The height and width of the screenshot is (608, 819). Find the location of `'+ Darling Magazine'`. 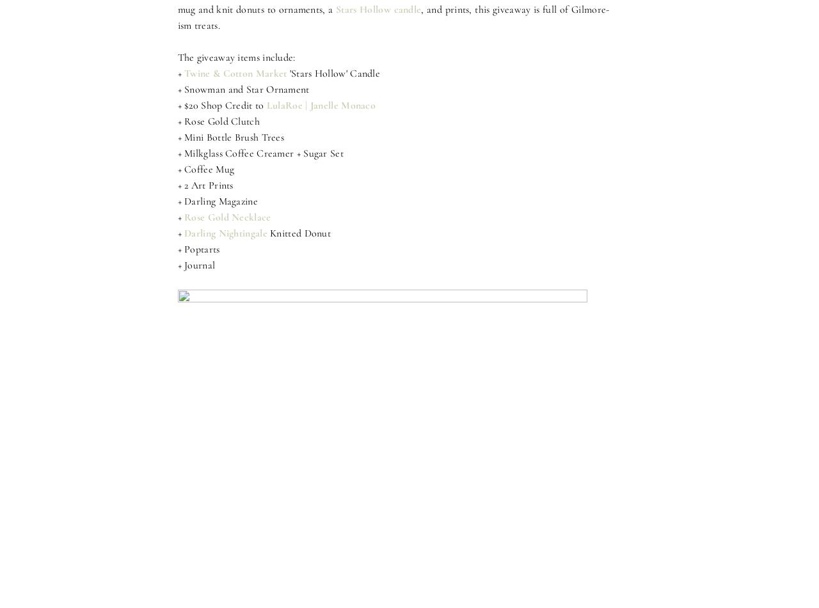

'+ Darling Magazine' is located at coordinates (217, 201).